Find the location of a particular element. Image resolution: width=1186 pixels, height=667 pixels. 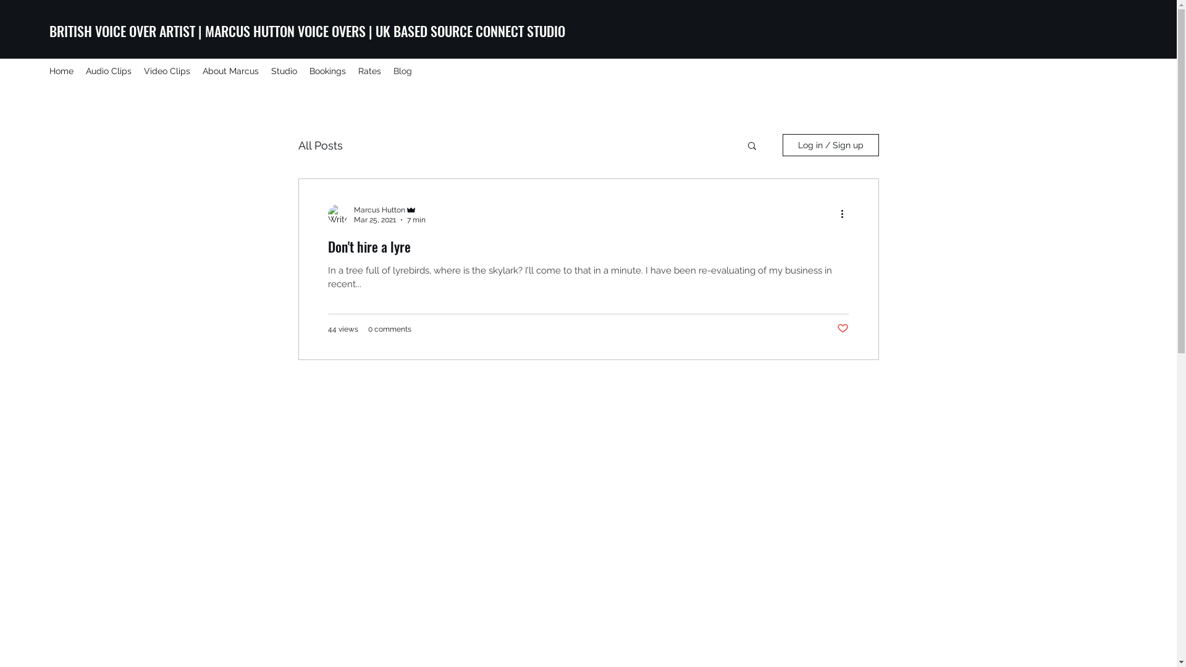

'Studio' is located at coordinates (284, 71).